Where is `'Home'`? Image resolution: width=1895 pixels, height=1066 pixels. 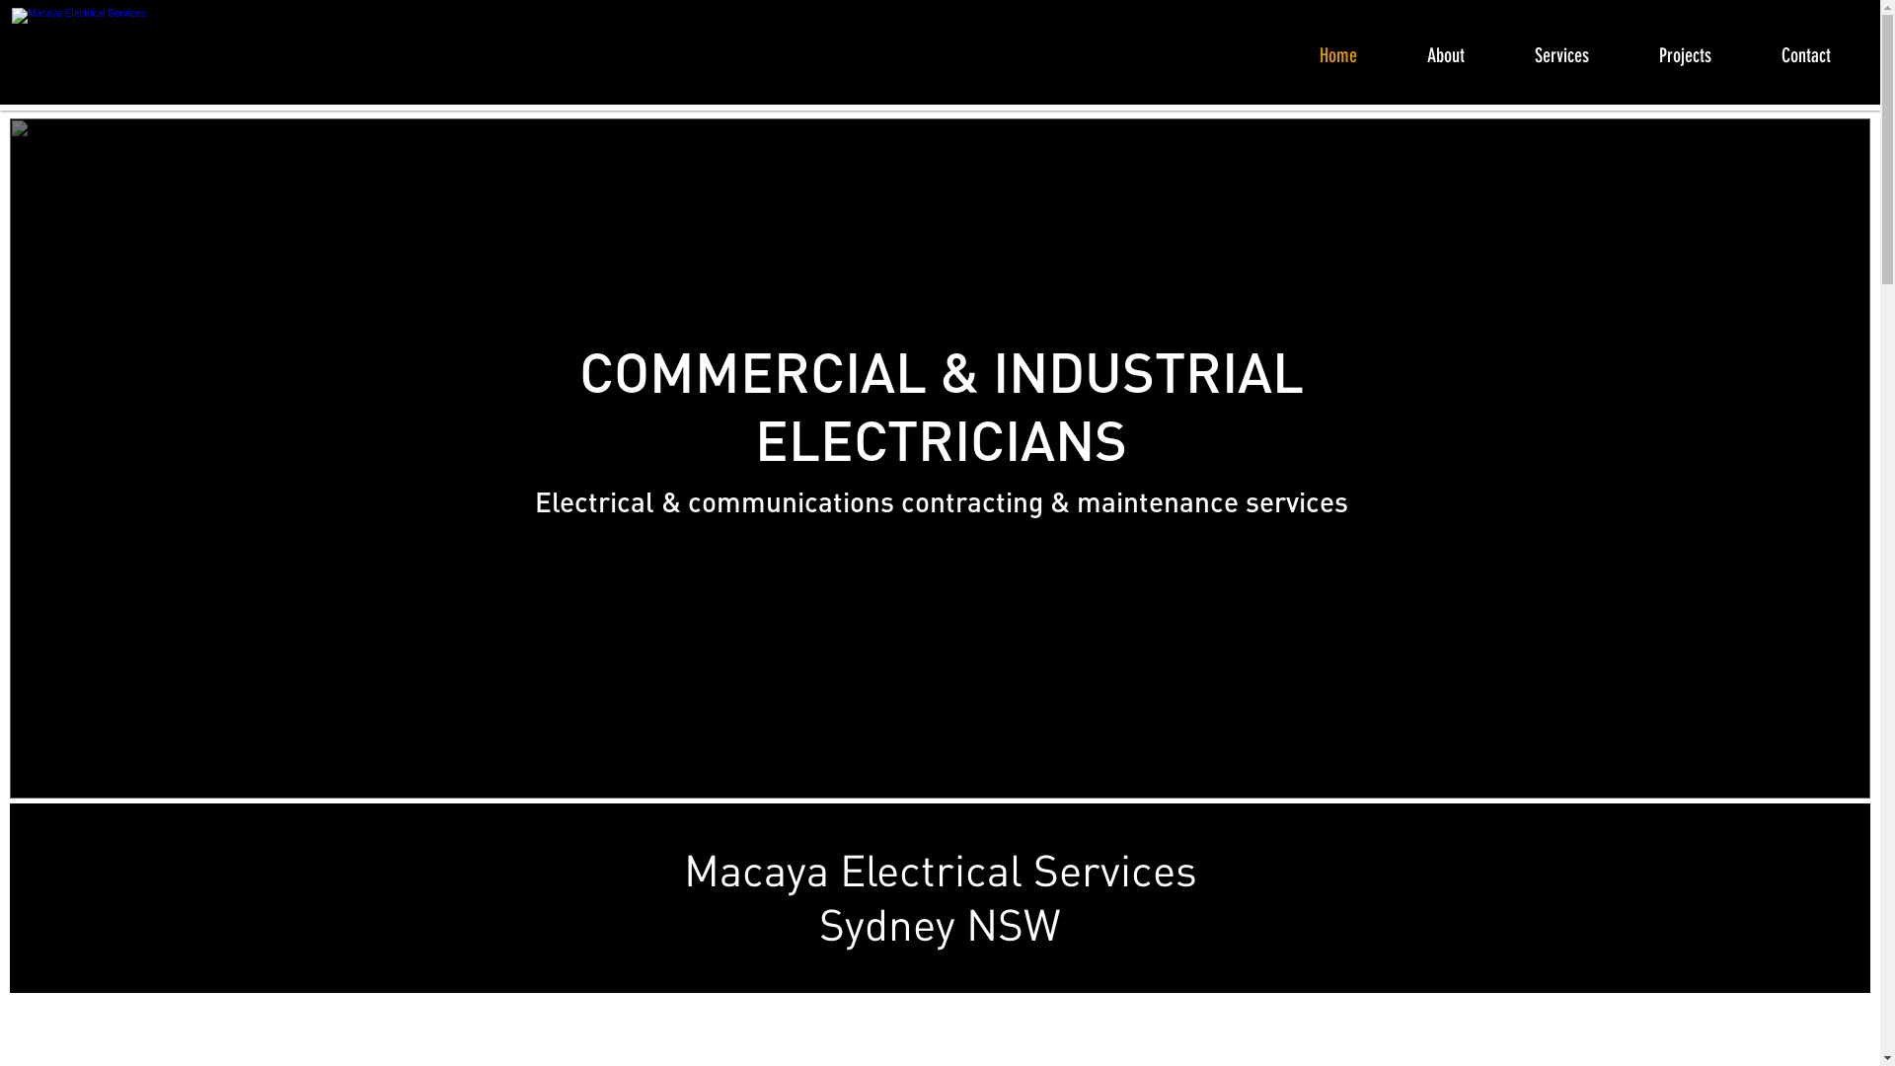
'Home' is located at coordinates (1352, 51).